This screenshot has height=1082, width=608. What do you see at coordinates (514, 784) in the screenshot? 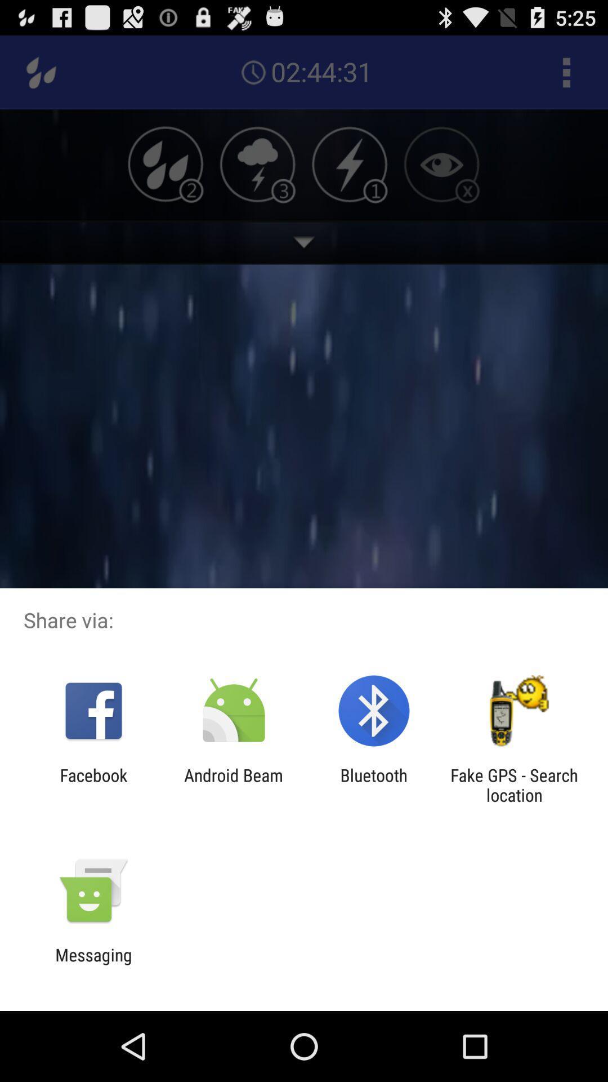
I see `app at the bottom right corner` at bounding box center [514, 784].